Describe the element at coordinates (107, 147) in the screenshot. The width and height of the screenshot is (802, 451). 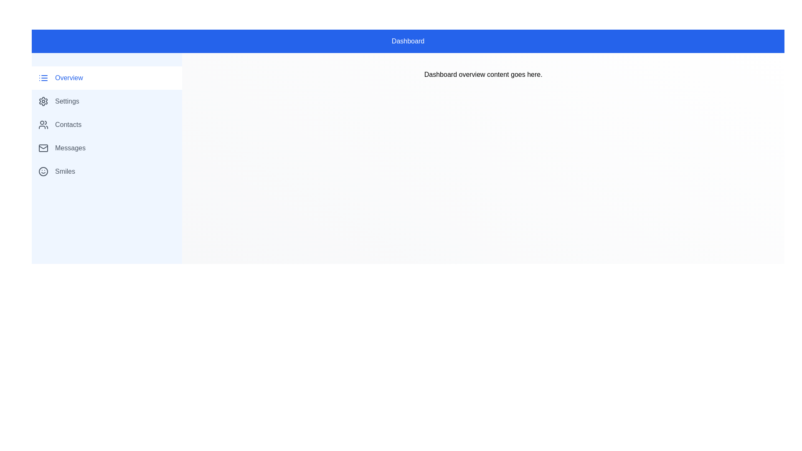
I see `the 'Messages' button in the left-hand sidebar` at that location.